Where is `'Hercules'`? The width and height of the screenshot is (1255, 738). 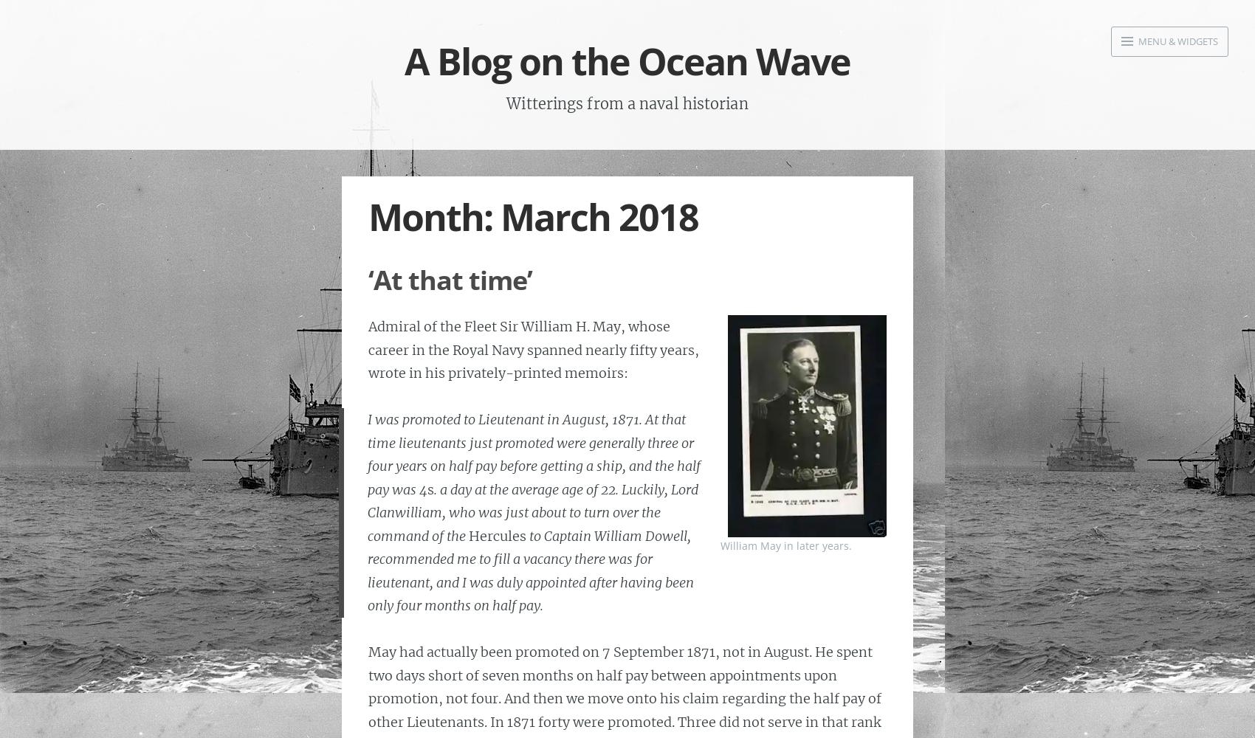 'Hercules' is located at coordinates (497, 534).